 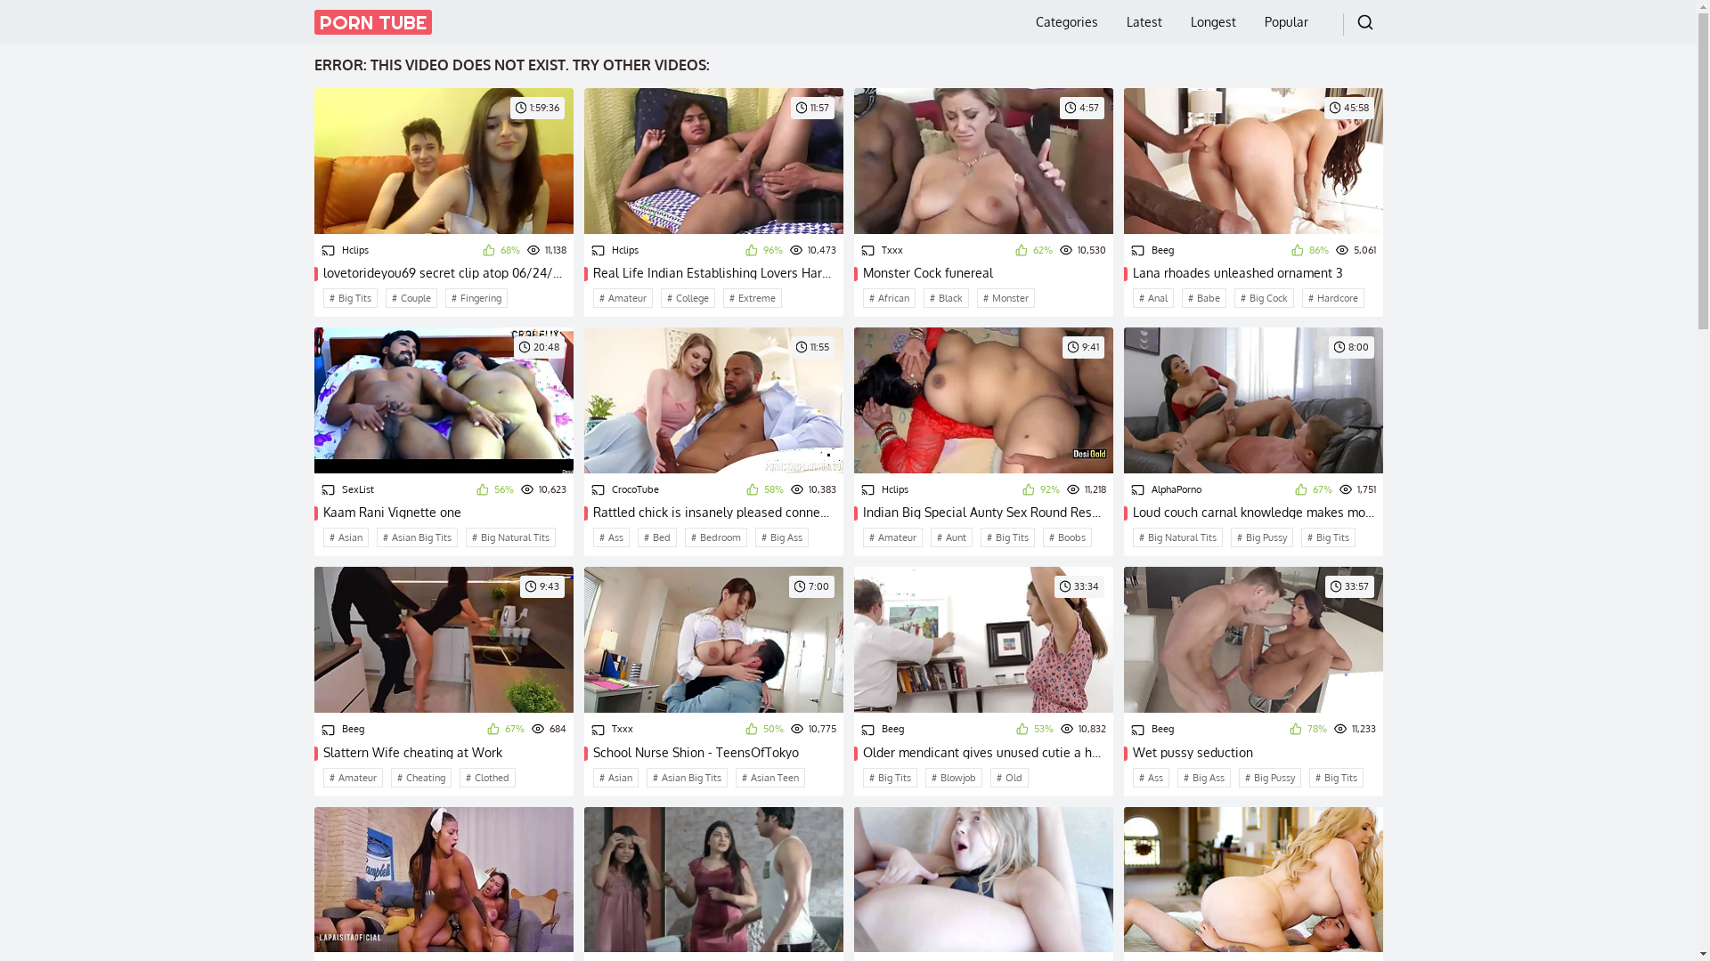 I want to click on 'African', so click(x=888, y=297).